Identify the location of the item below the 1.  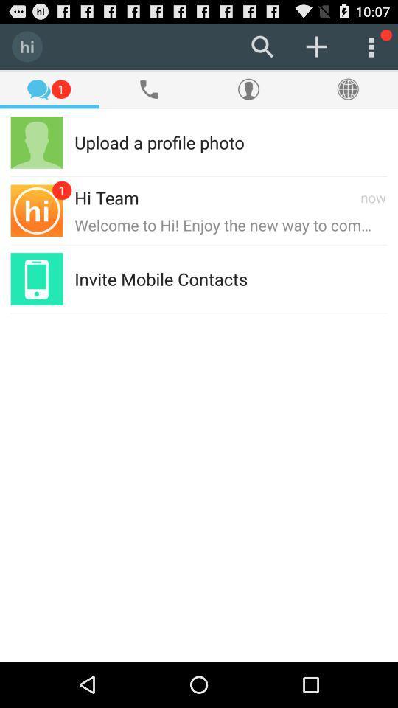
(158, 142).